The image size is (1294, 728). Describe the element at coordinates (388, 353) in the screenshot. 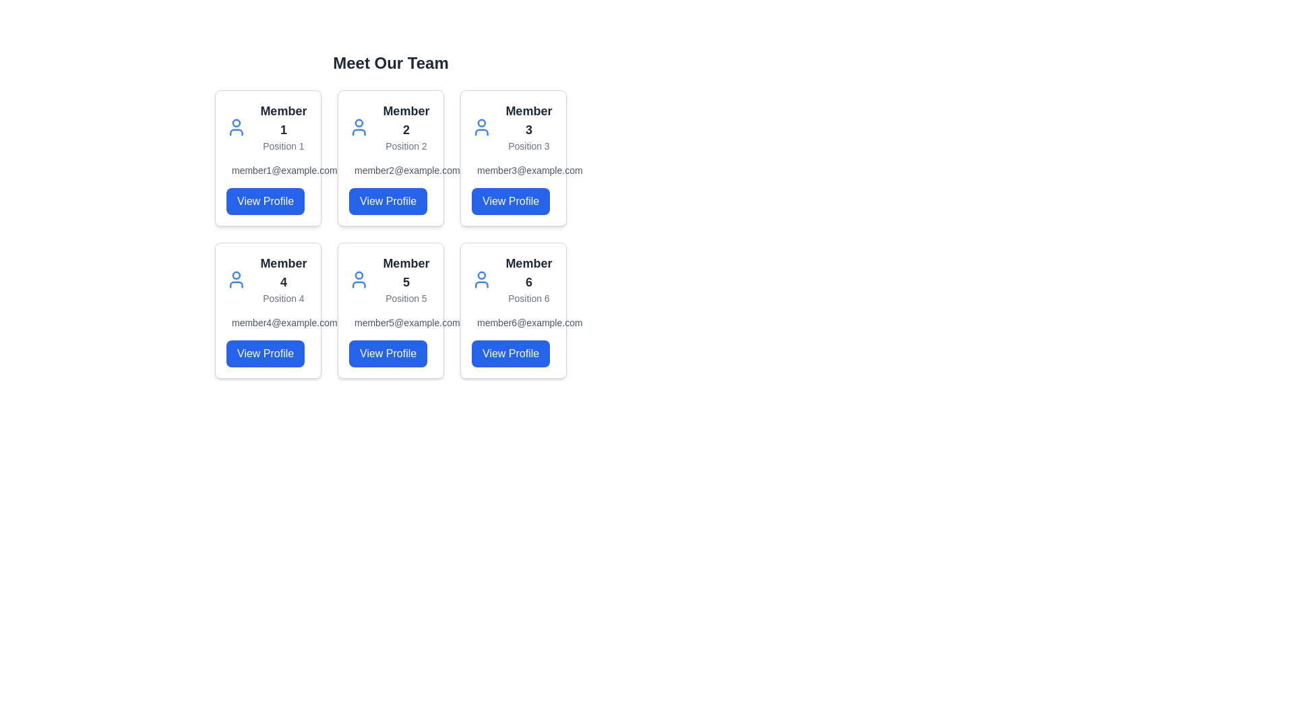

I see `the 'View Profile' button located at the bottom of the card for 'Member 5' in the second row and second column for accessibility navigation` at that location.